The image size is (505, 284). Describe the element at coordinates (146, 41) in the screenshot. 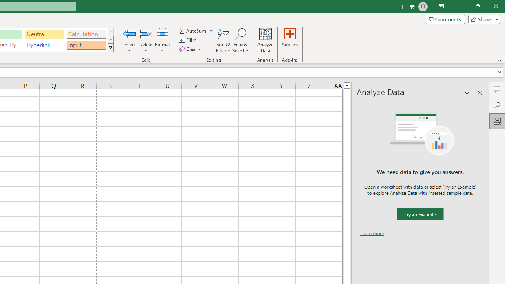

I see `'Delete'` at that location.